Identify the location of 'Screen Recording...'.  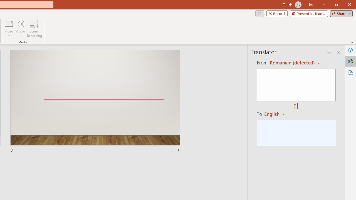
(34, 29).